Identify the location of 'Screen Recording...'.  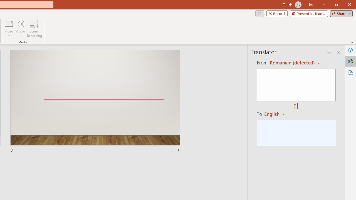
(34, 29).